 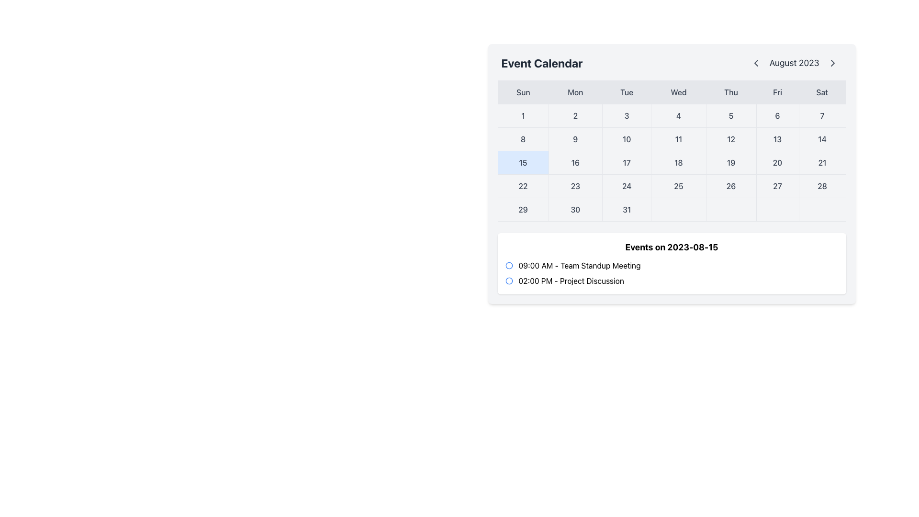 What do you see at coordinates (508, 266) in the screenshot?
I see `the blue stroke circle-shaped icon located to the left of the '09:00 AM - Team Standup Meeting' text in the event list section of the calendar interface` at bounding box center [508, 266].